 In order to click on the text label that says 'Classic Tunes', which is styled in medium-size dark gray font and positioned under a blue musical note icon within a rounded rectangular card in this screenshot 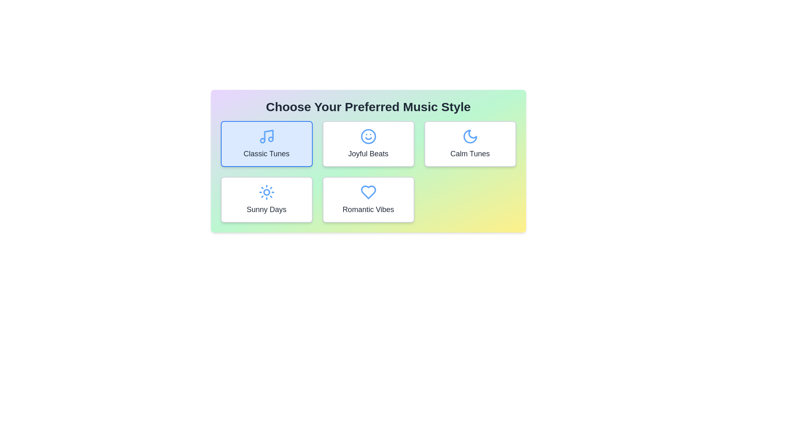, I will do `click(266, 153)`.